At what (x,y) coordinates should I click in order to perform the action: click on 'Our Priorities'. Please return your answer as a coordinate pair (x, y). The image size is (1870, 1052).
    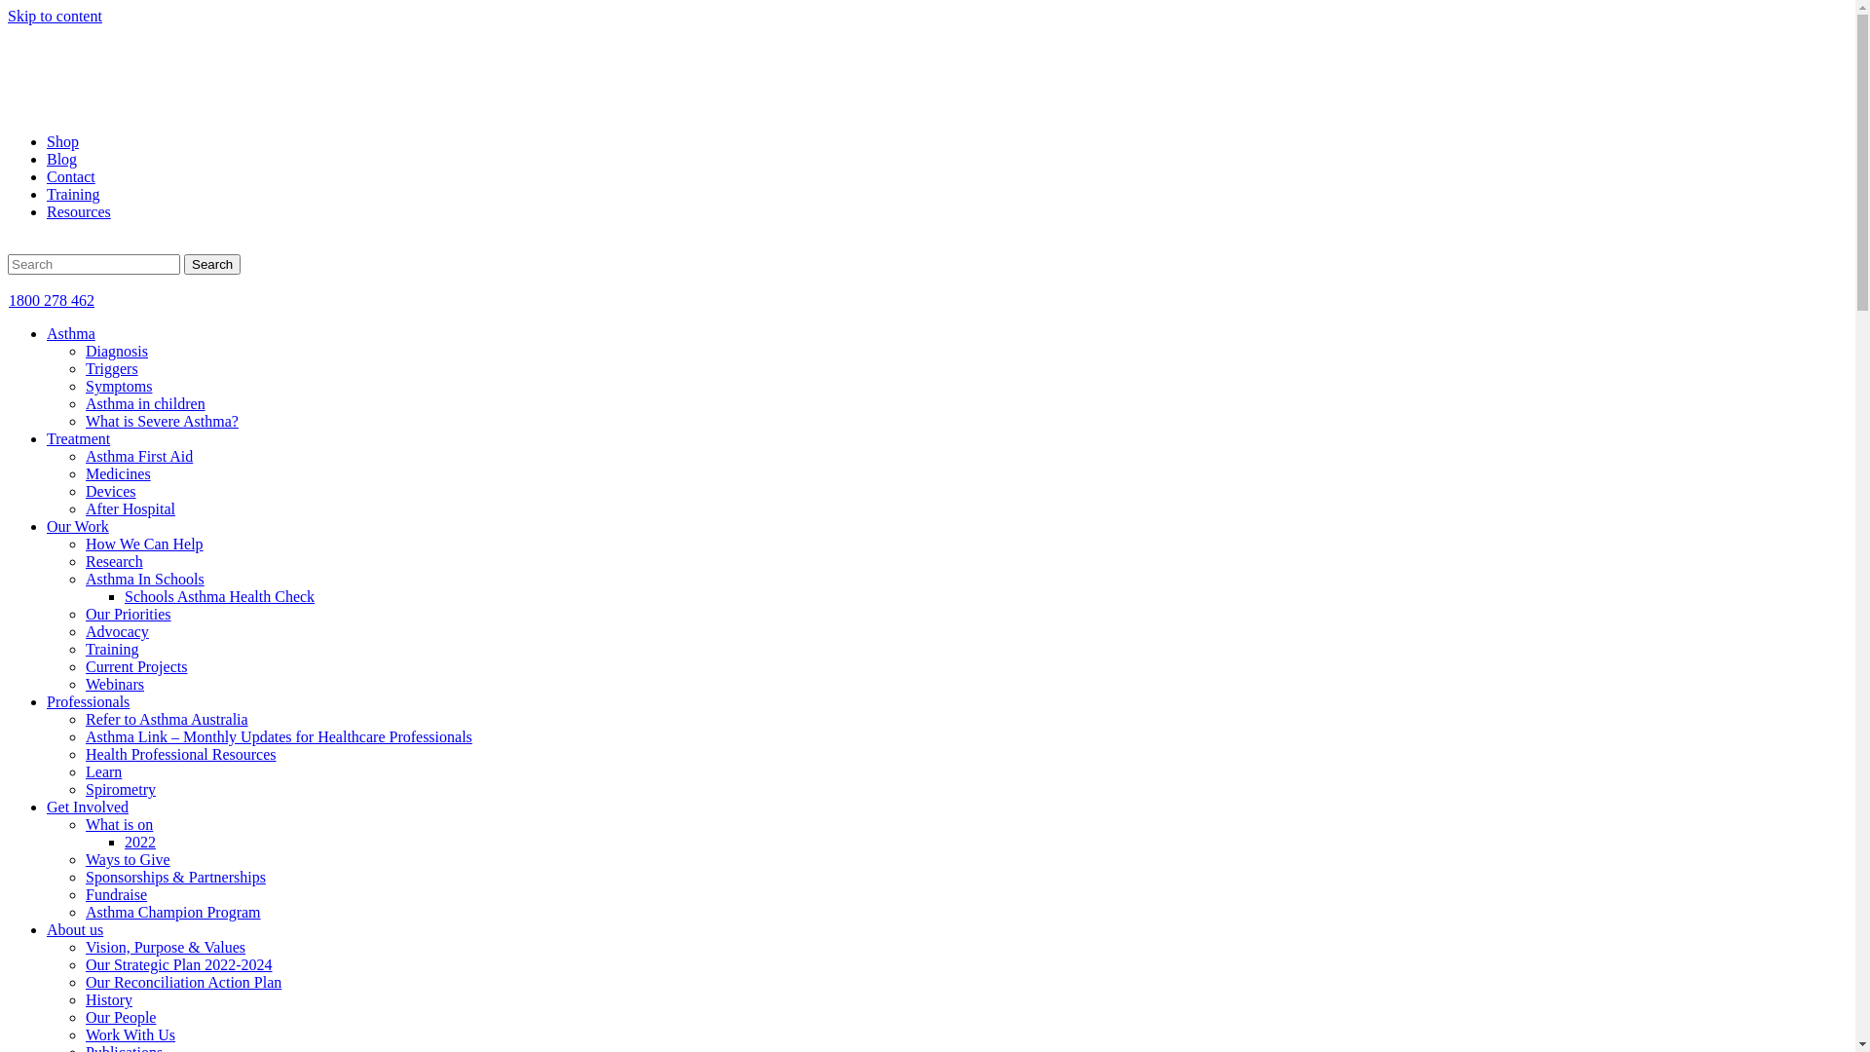
    Looking at the image, I should click on (127, 614).